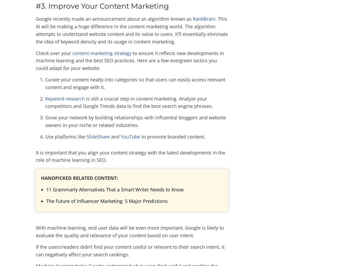  What do you see at coordinates (130, 250) in the screenshot?
I see `'If the users/readers didn’t find your content useful or relevant to their search intent, it can negatively affect your search rankings.'` at bounding box center [130, 250].